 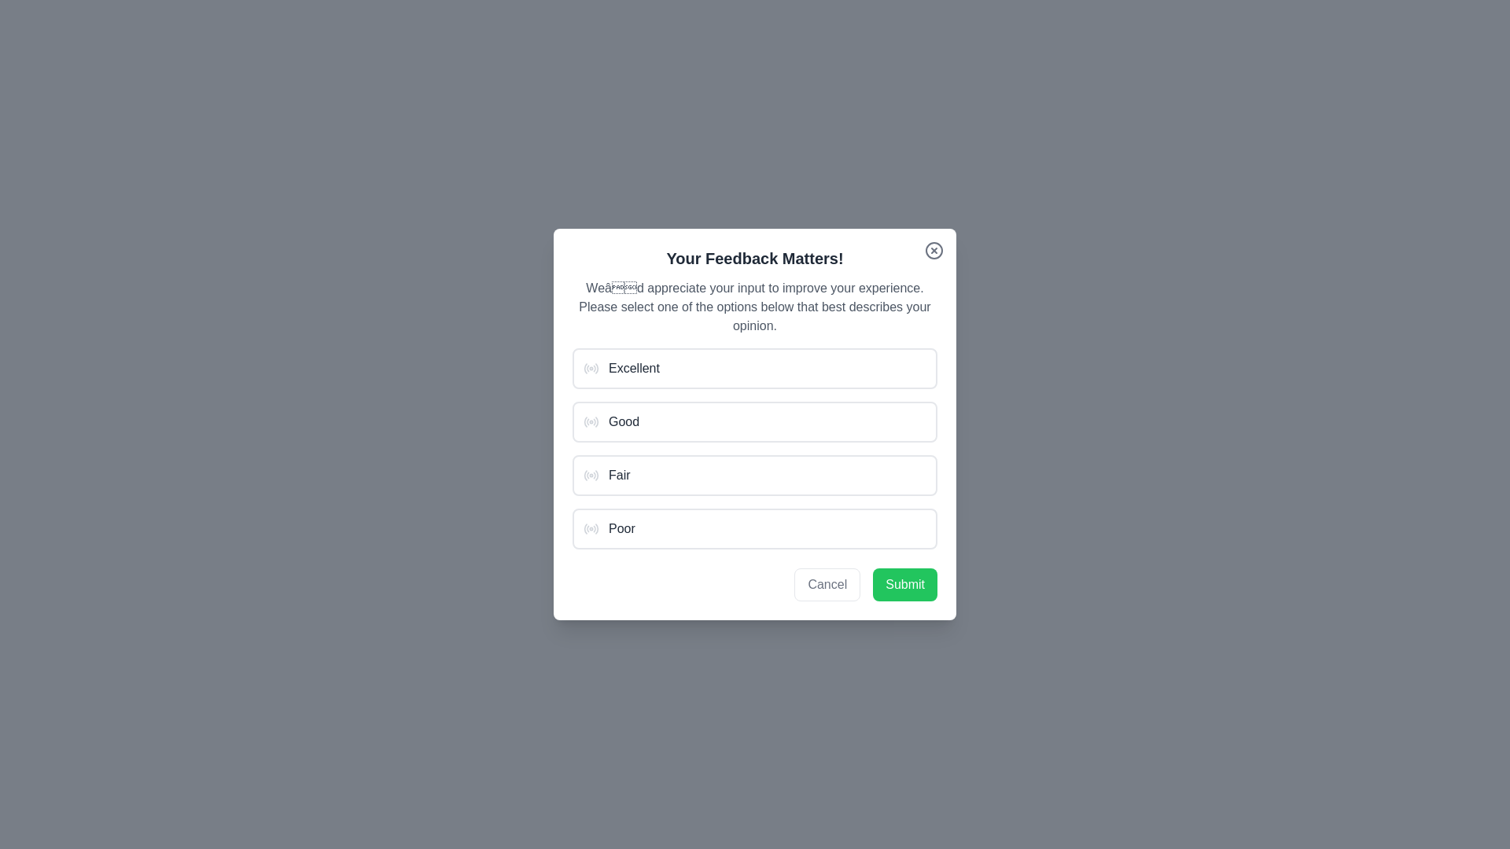 What do you see at coordinates (934, 250) in the screenshot?
I see `the close button to dismiss the dialog` at bounding box center [934, 250].